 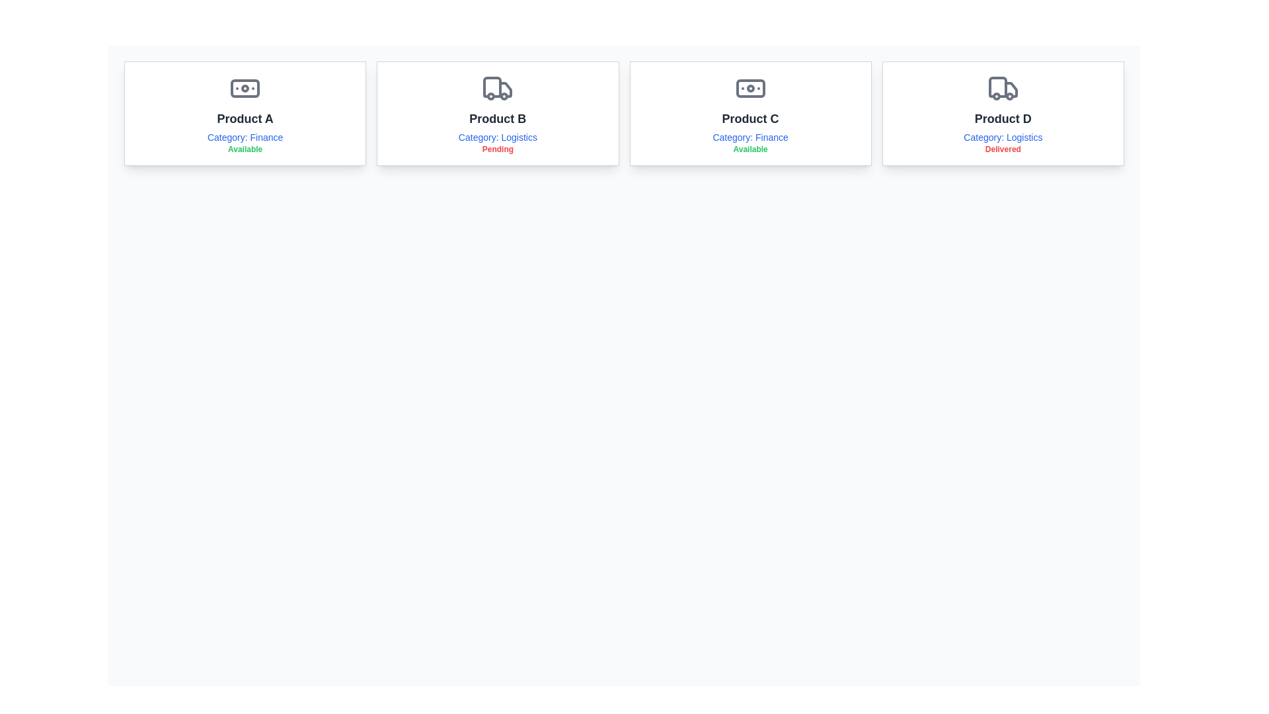 What do you see at coordinates (1003, 138) in the screenshot?
I see `the static text label reading 'Category: Logistics' which is styled in small blue italicized font, located in the fourth card from the left, below the heading 'Product D' and above the red bold 'Delivered' label` at bounding box center [1003, 138].